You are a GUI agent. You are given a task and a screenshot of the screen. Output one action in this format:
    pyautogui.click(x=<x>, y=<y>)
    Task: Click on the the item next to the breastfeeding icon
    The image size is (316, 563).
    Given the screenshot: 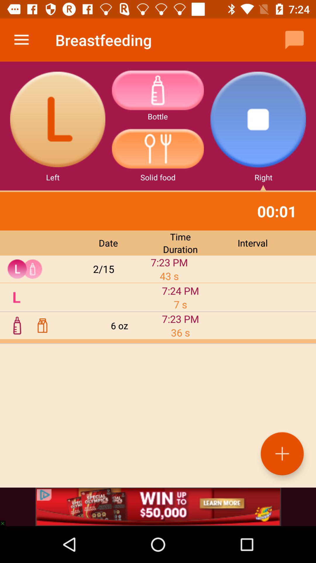 What is the action you would take?
    pyautogui.click(x=294, y=40)
    